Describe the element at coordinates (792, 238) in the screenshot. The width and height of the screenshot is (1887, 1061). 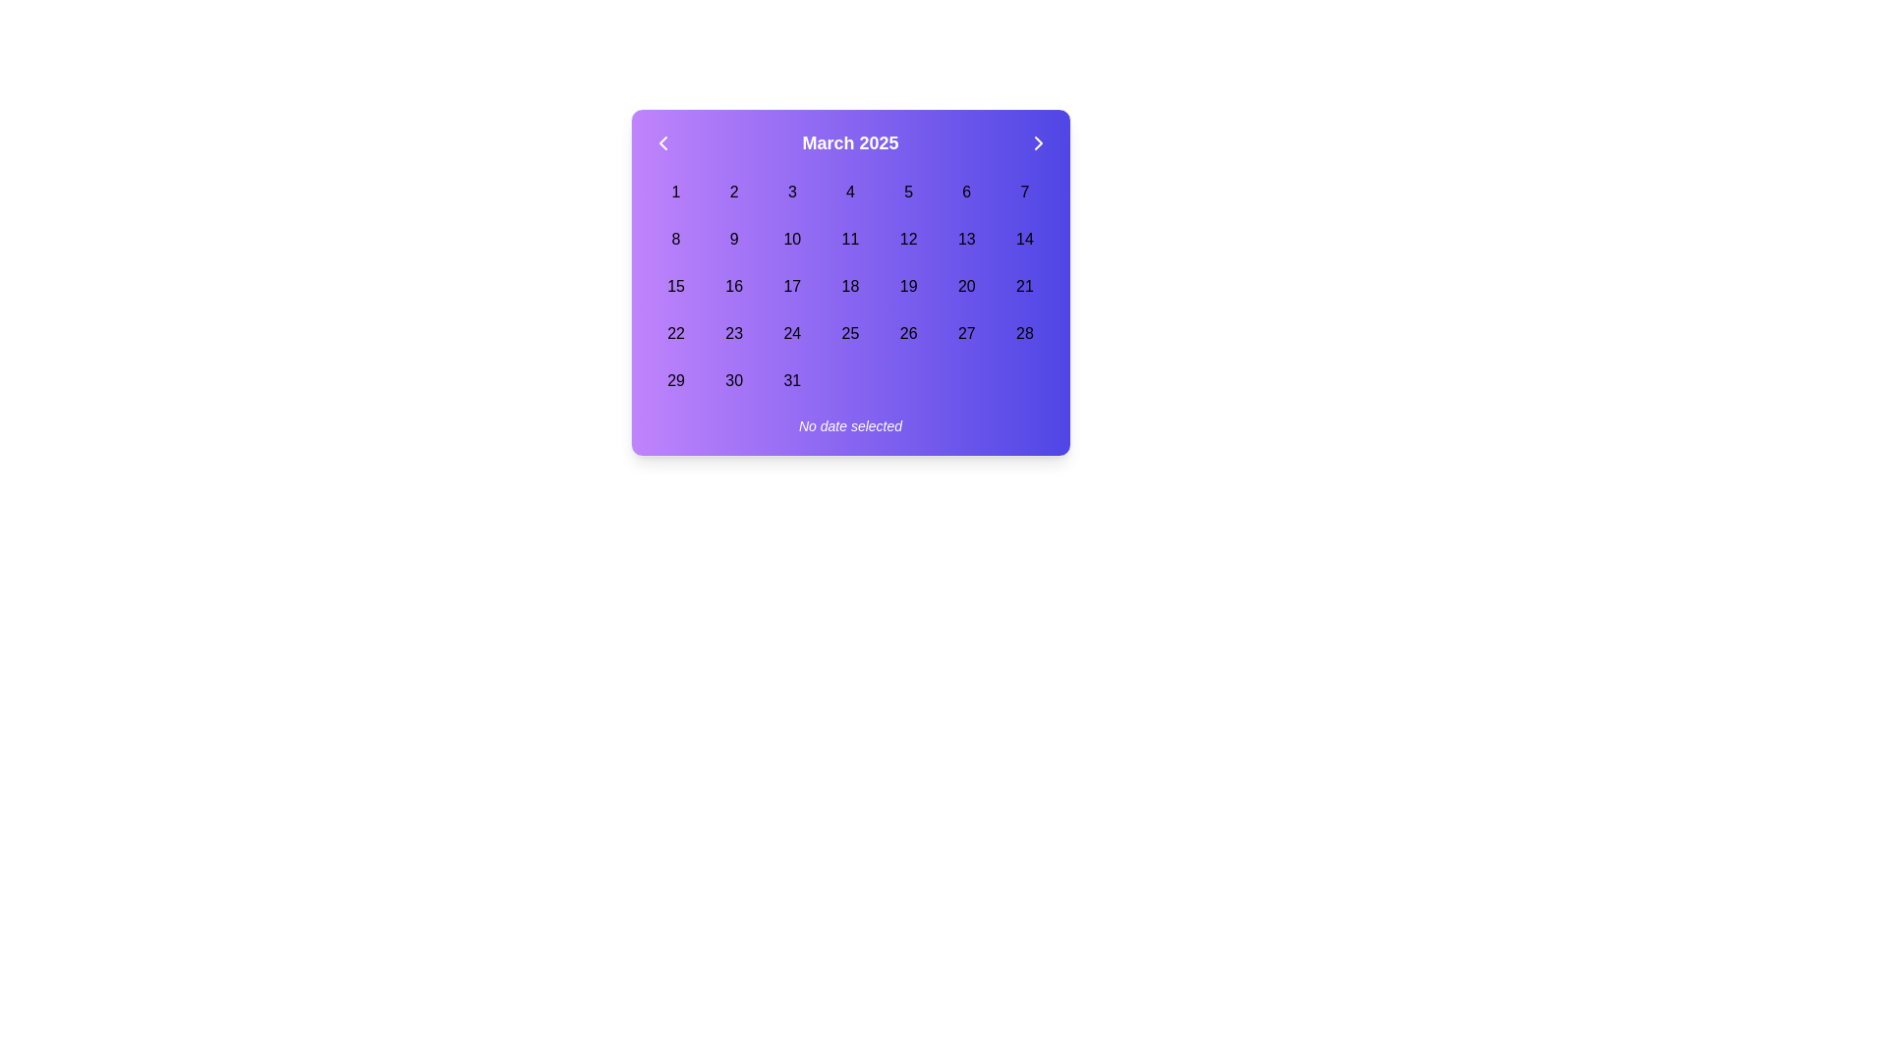
I see `the button representing the date '10' in the calendar component` at that location.